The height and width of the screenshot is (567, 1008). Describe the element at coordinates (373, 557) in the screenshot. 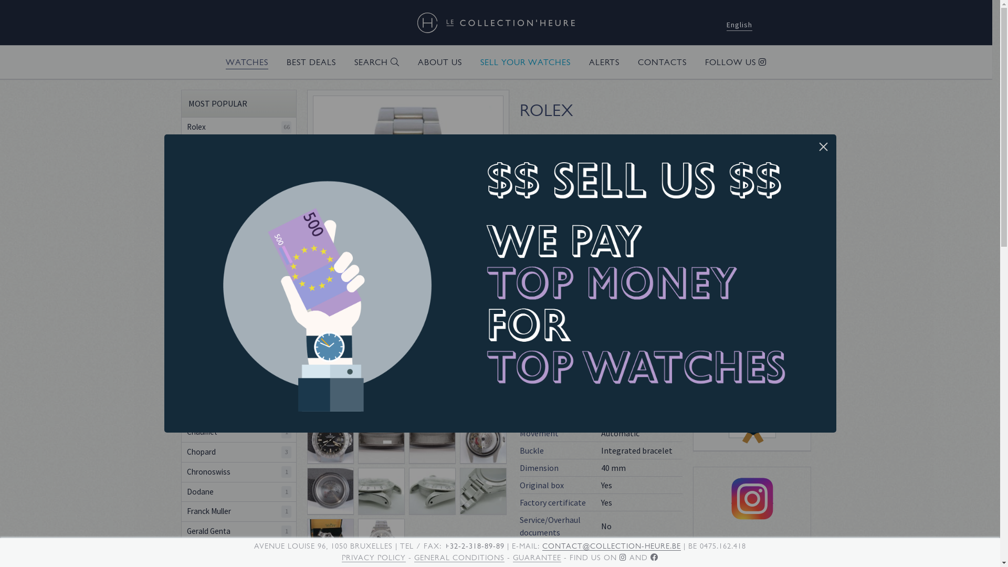

I see `'PRIVACY POLICY'` at that location.